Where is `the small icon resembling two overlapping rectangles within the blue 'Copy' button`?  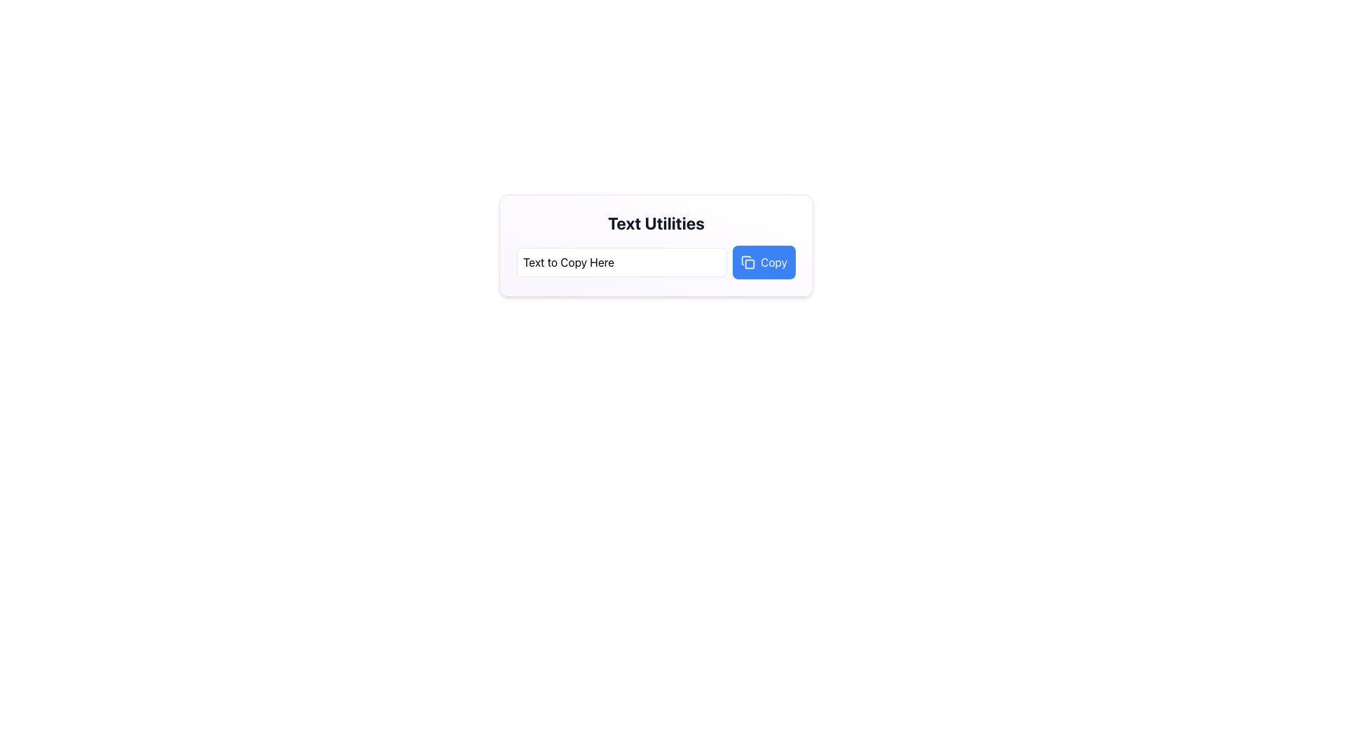 the small icon resembling two overlapping rectangles within the blue 'Copy' button is located at coordinates (747, 262).